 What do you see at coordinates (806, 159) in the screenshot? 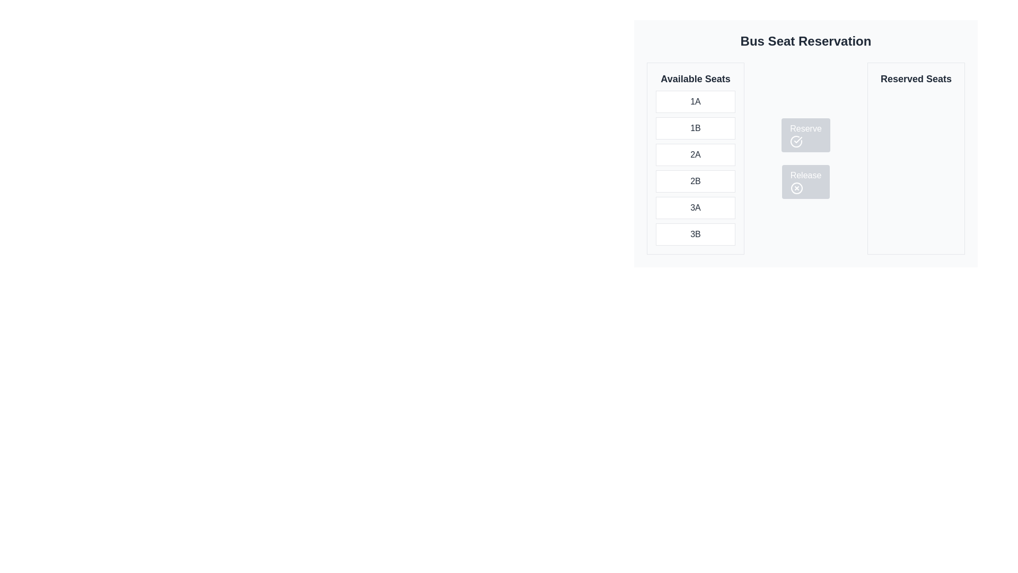
I see `keyboard navigation` at bounding box center [806, 159].